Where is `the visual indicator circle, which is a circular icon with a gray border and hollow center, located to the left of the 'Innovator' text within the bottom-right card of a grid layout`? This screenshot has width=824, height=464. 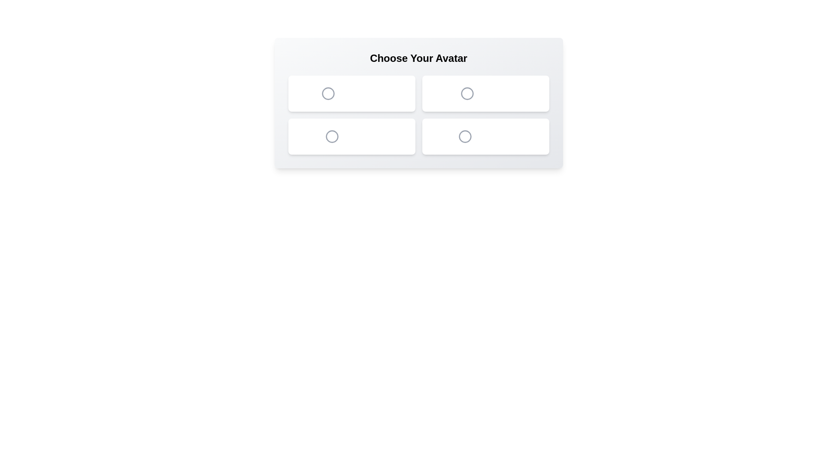
the visual indicator circle, which is a circular icon with a gray border and hollow center, located to the left of the 'Innovator' text within the bottom-right card of a grid layout is located at coordinates (465, 136).